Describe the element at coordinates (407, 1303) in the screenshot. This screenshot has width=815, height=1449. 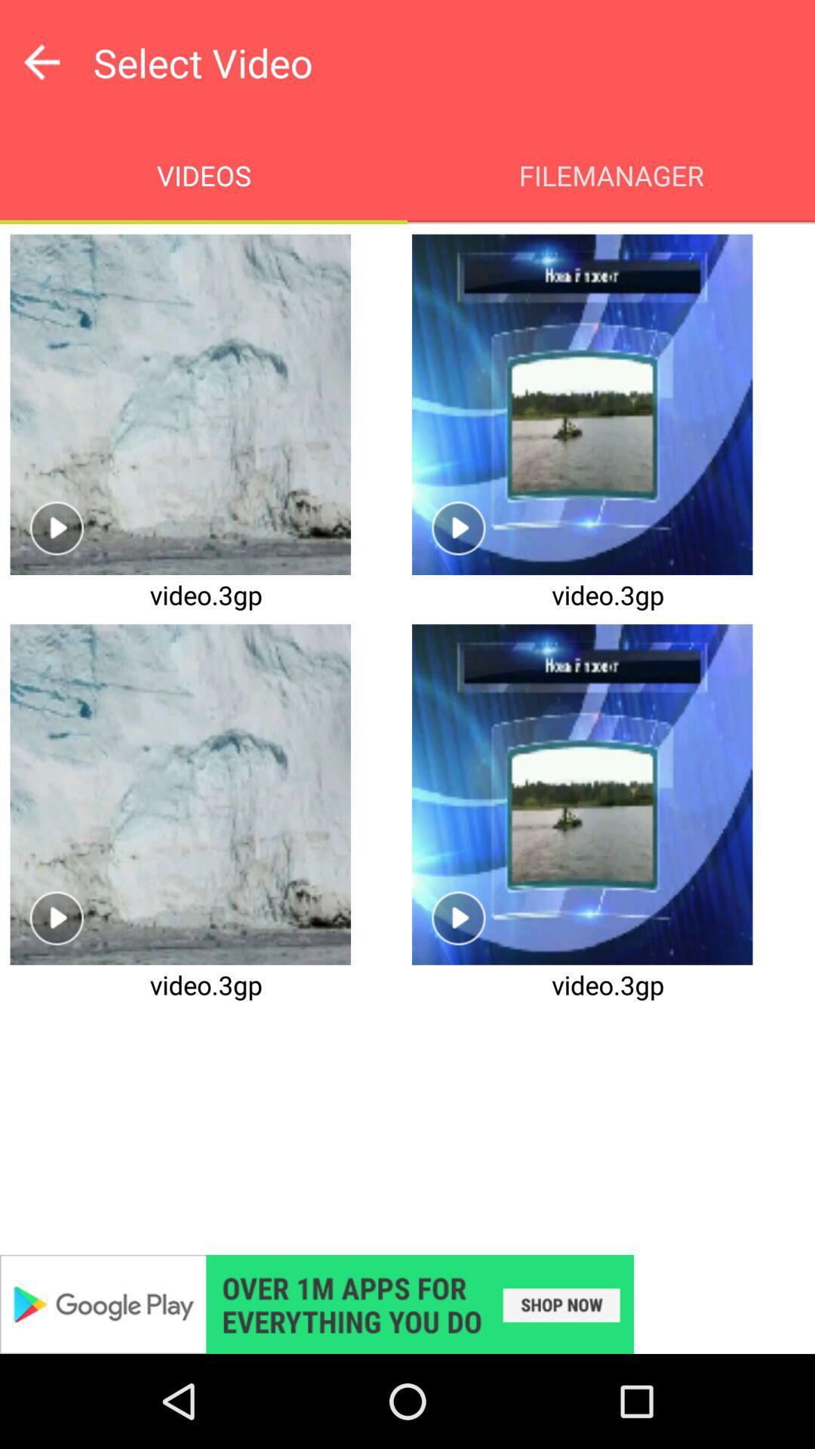
I see `the google play store` at that location.